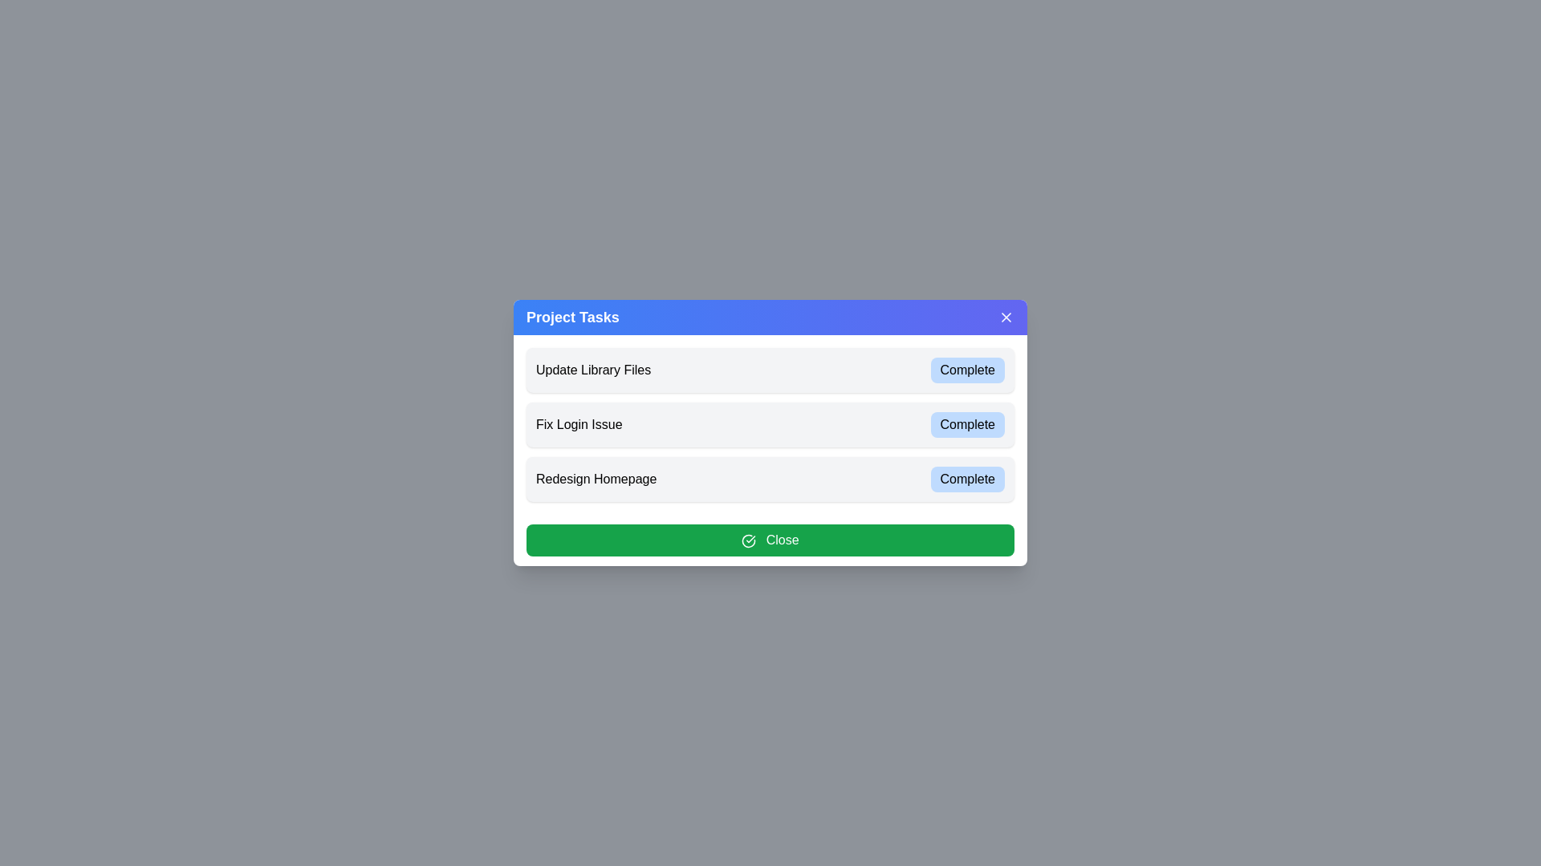 This screenshot has width=1541, height=866. What do you see at coordinates (770, 540) in the screenshot?
I see `the prominent green 'Close' button located at the bottom of the modal window` at bounding box center [770, 540].